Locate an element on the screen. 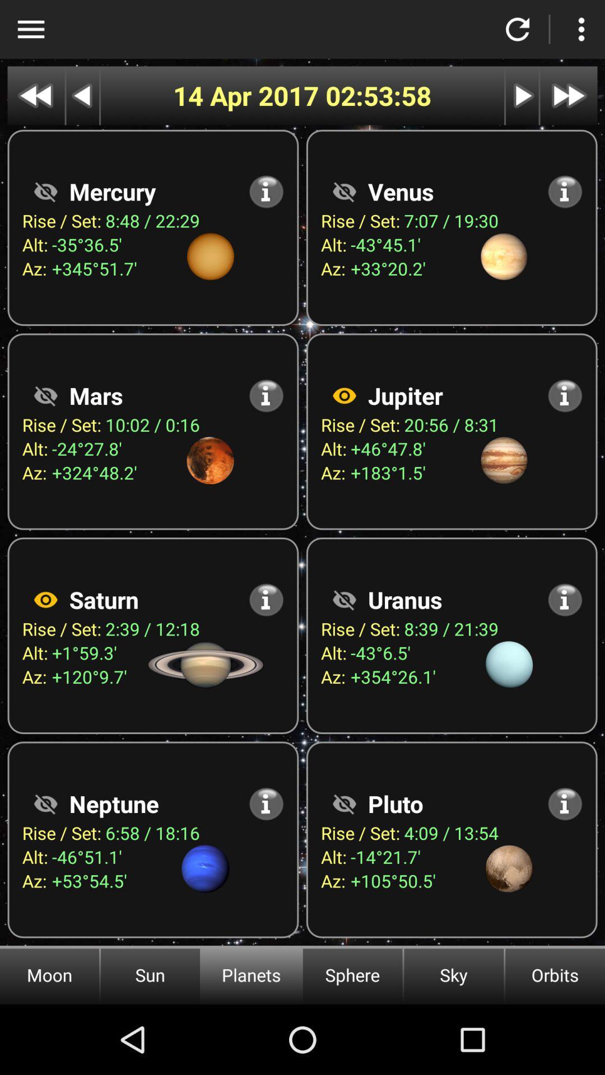 The width and height of the screenshot is (605, 1075). more information is located at coordinates (266, 803).